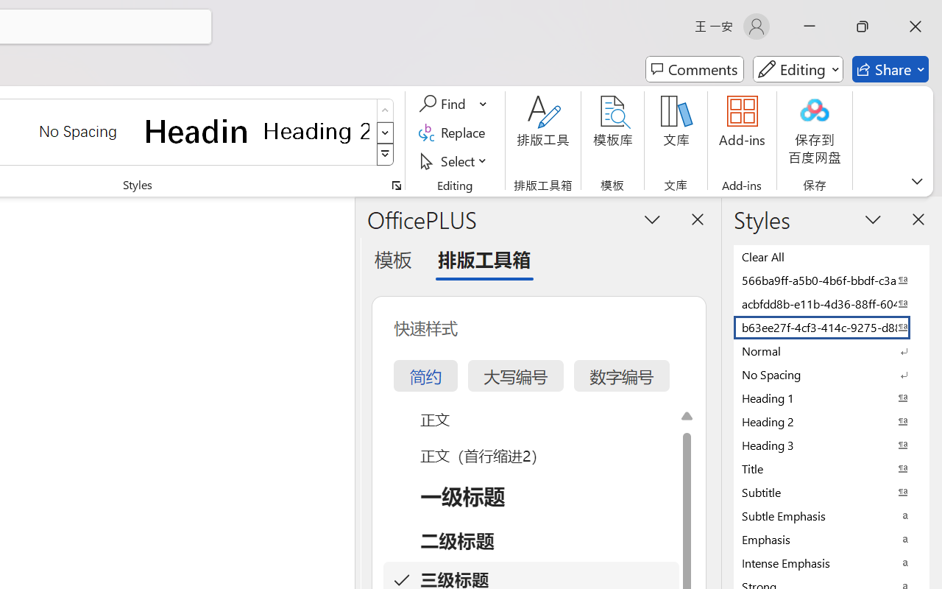  I want to click on 'Heading 2', so click(316, 130).